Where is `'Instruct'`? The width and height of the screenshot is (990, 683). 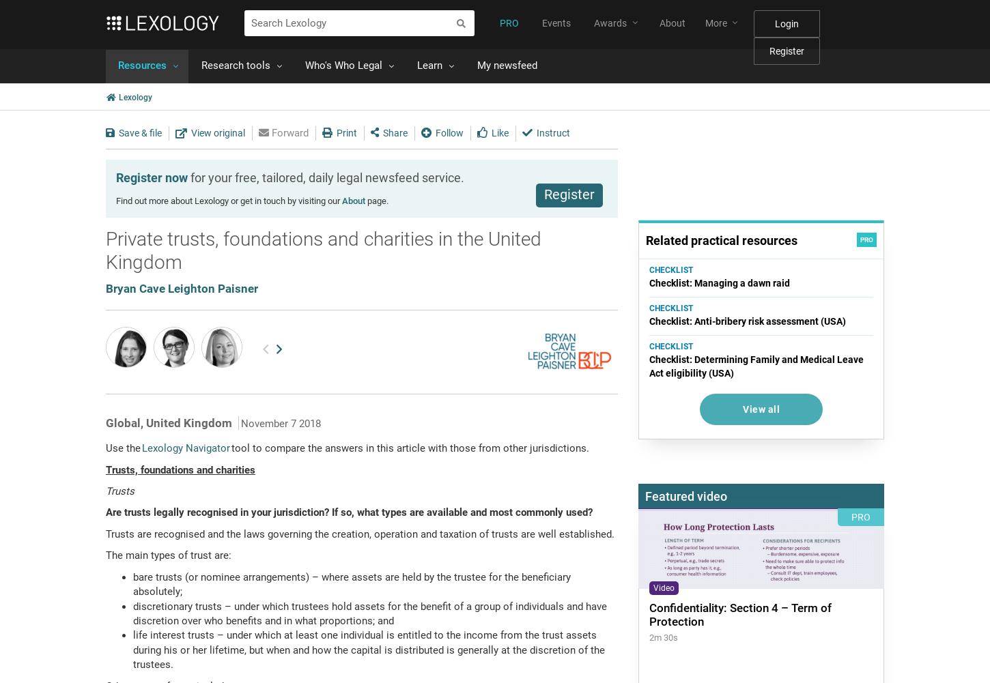 'Instruct' is located at coordinates (552, 132).